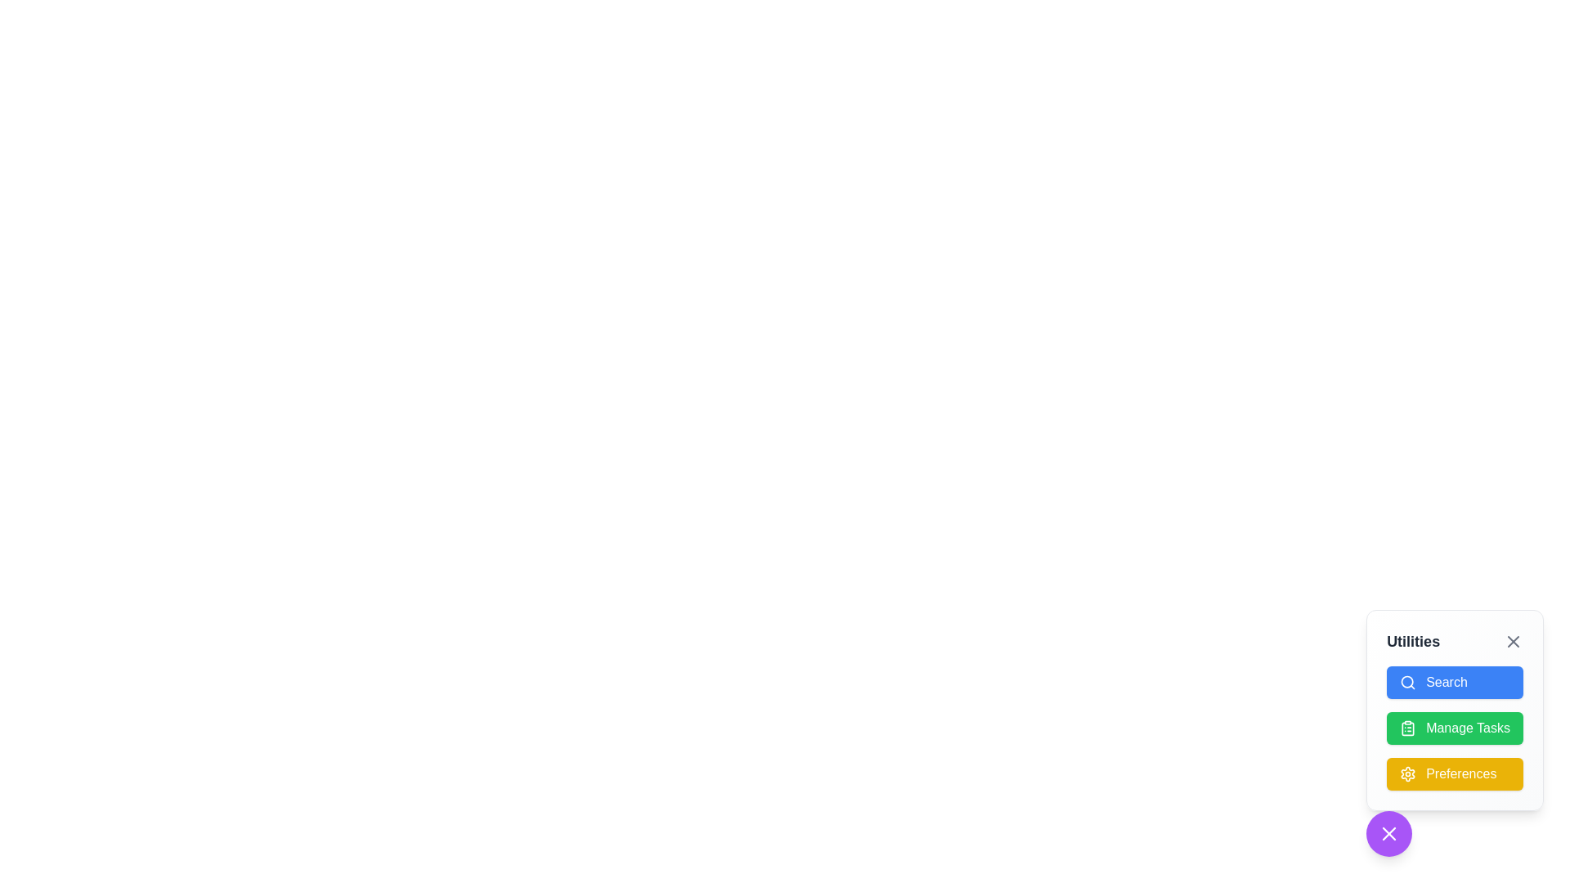 The image size is (1570, 883). I want to click on the 'Manage Tasks' button, which is the second button in a series of three vertically-stacked buttons in the bottom-right corner of the interface, located below the 'Search' button, so click(1455, 709).